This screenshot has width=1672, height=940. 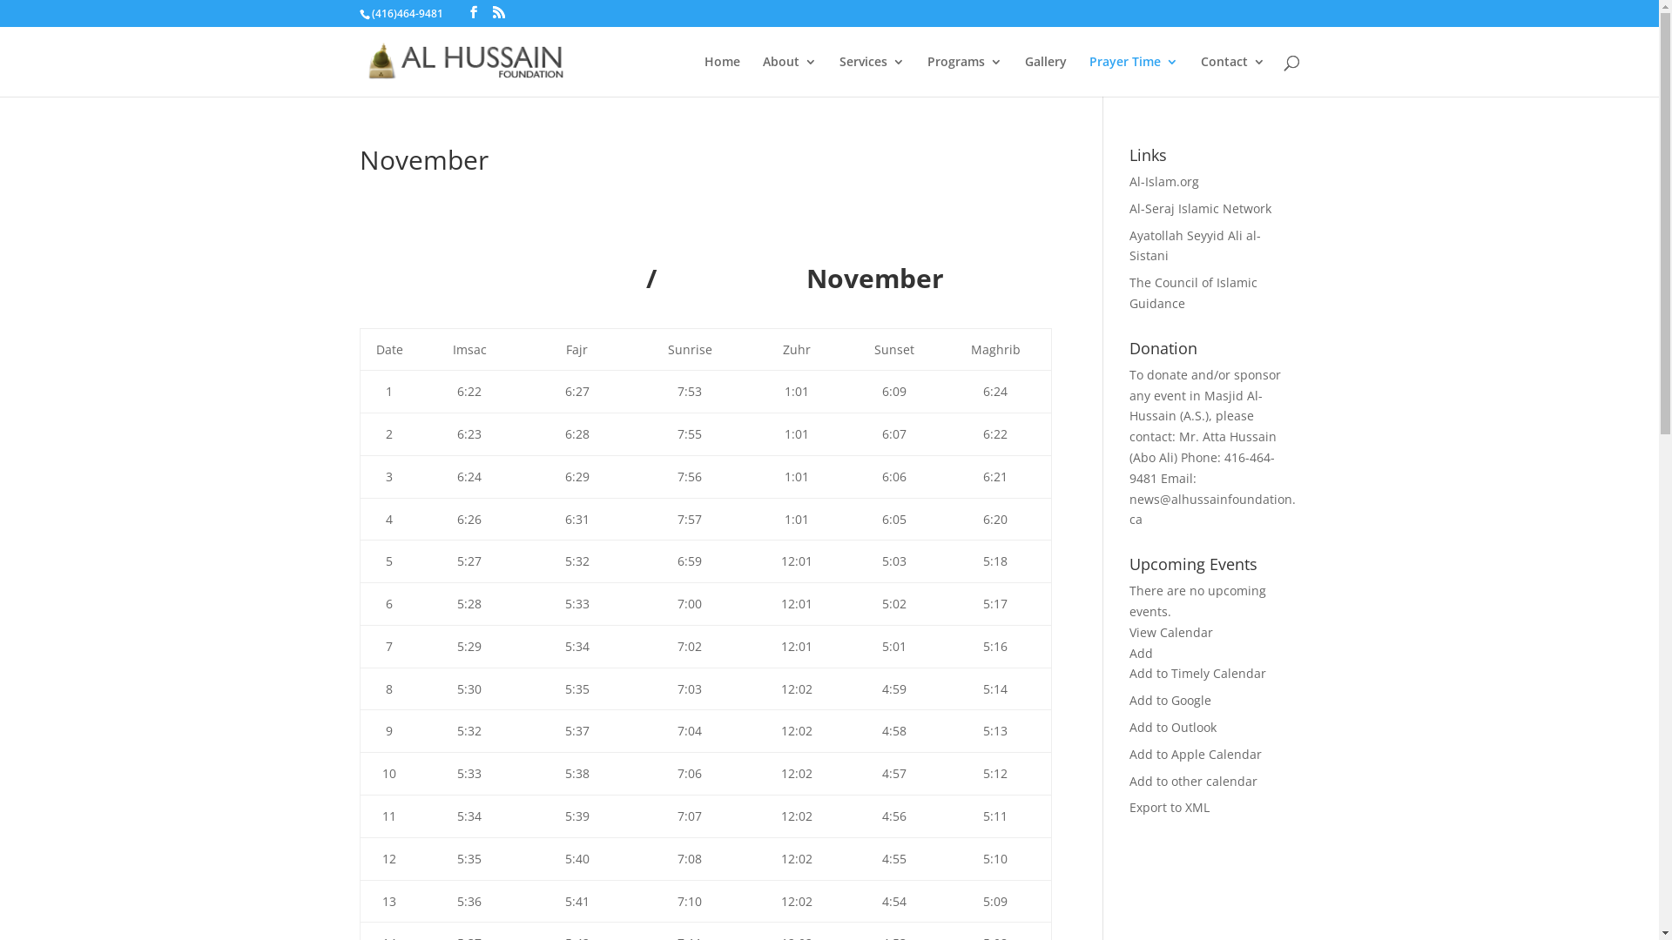 I want to click on 'Programs', so click(x=963, y=75).